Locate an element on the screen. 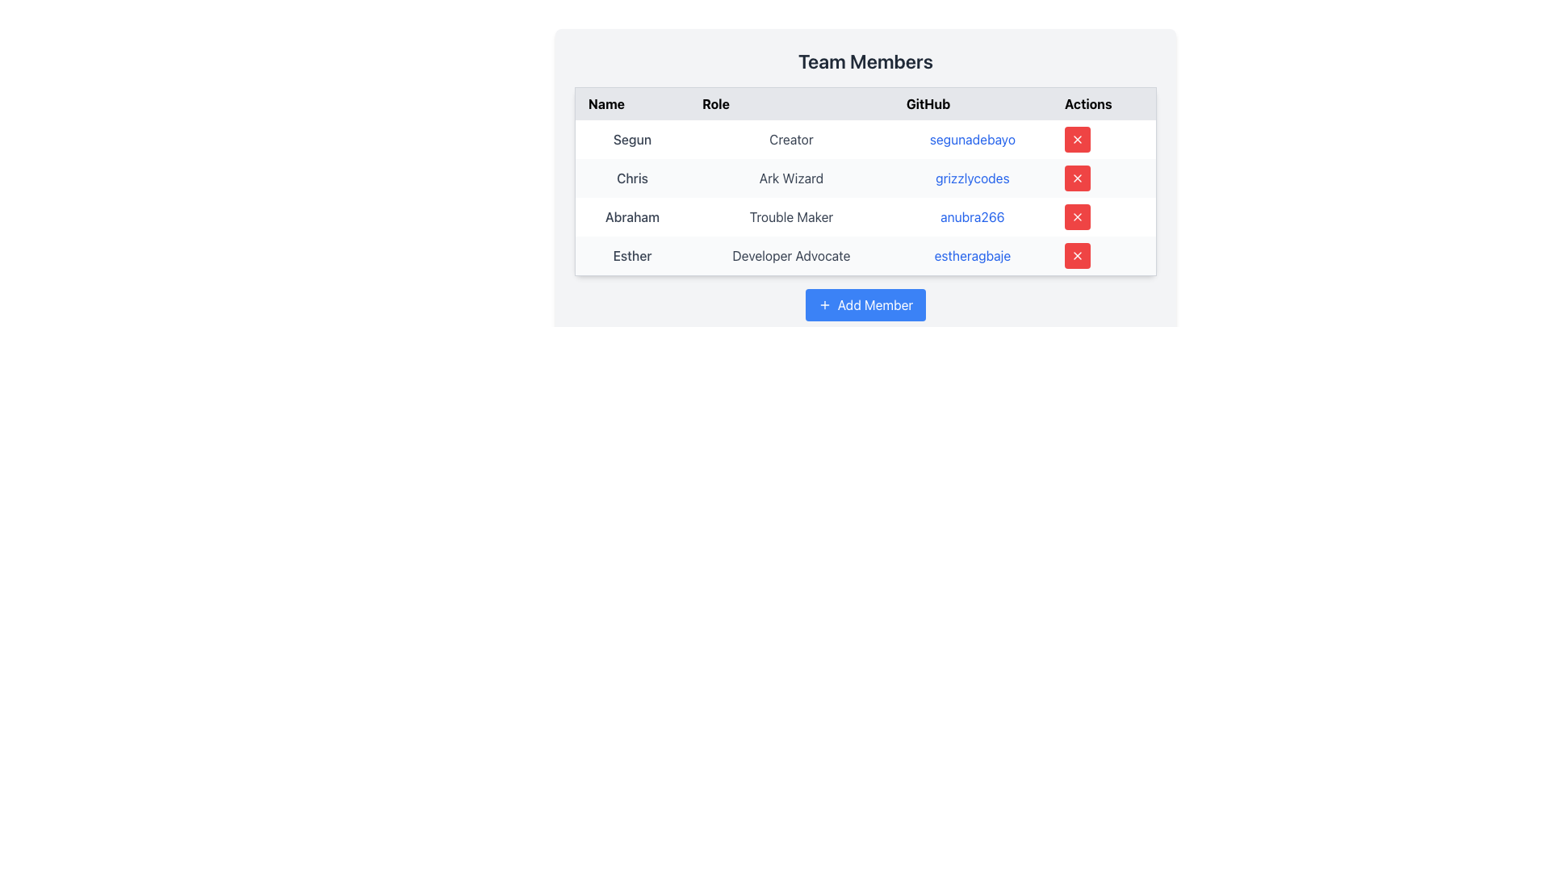 This screenshot has height=872, width=1550. the hyperlink in the 'GitHub' column for the member 'Chris' is located at coordinates (865, 168).